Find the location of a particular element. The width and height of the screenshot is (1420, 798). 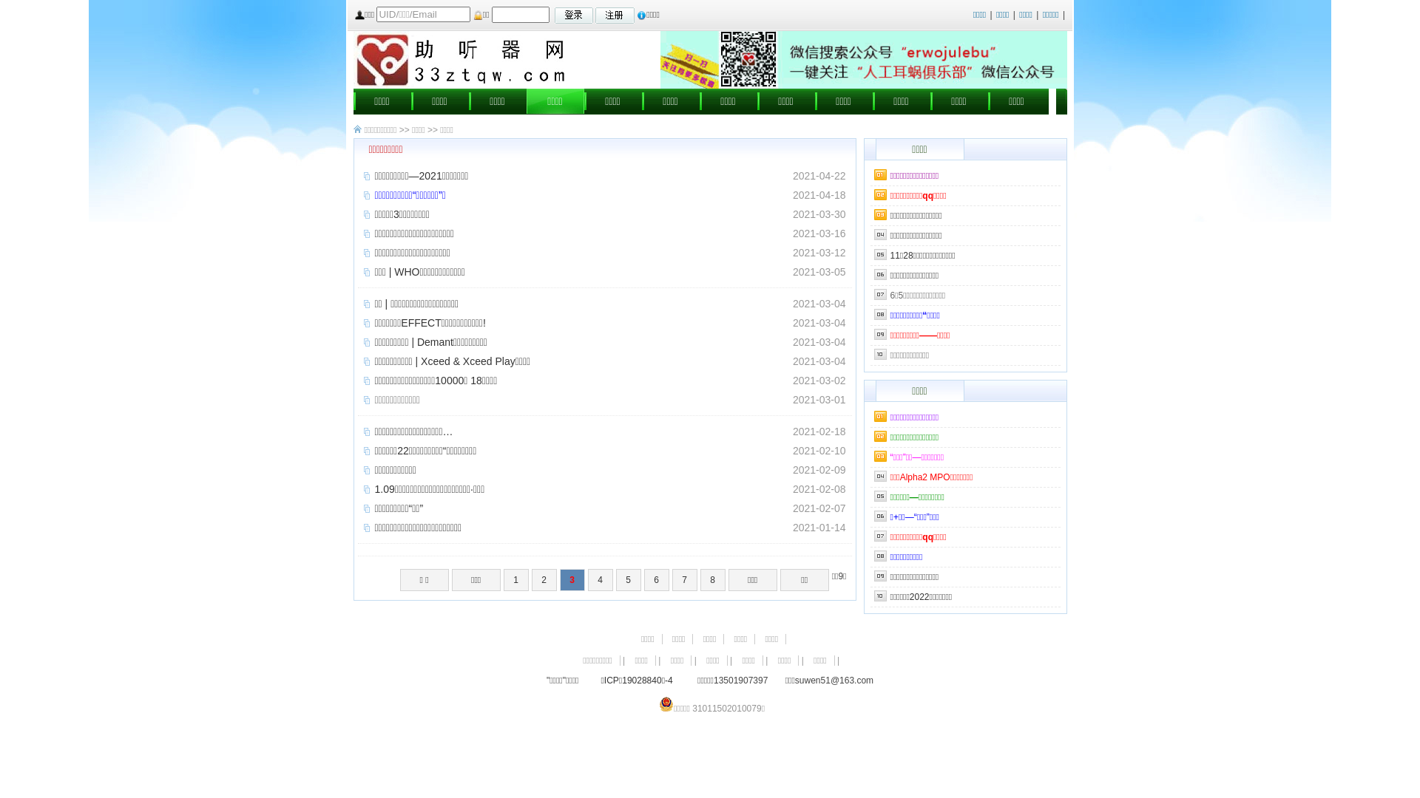

'5' is located at coordinates (628, 579).